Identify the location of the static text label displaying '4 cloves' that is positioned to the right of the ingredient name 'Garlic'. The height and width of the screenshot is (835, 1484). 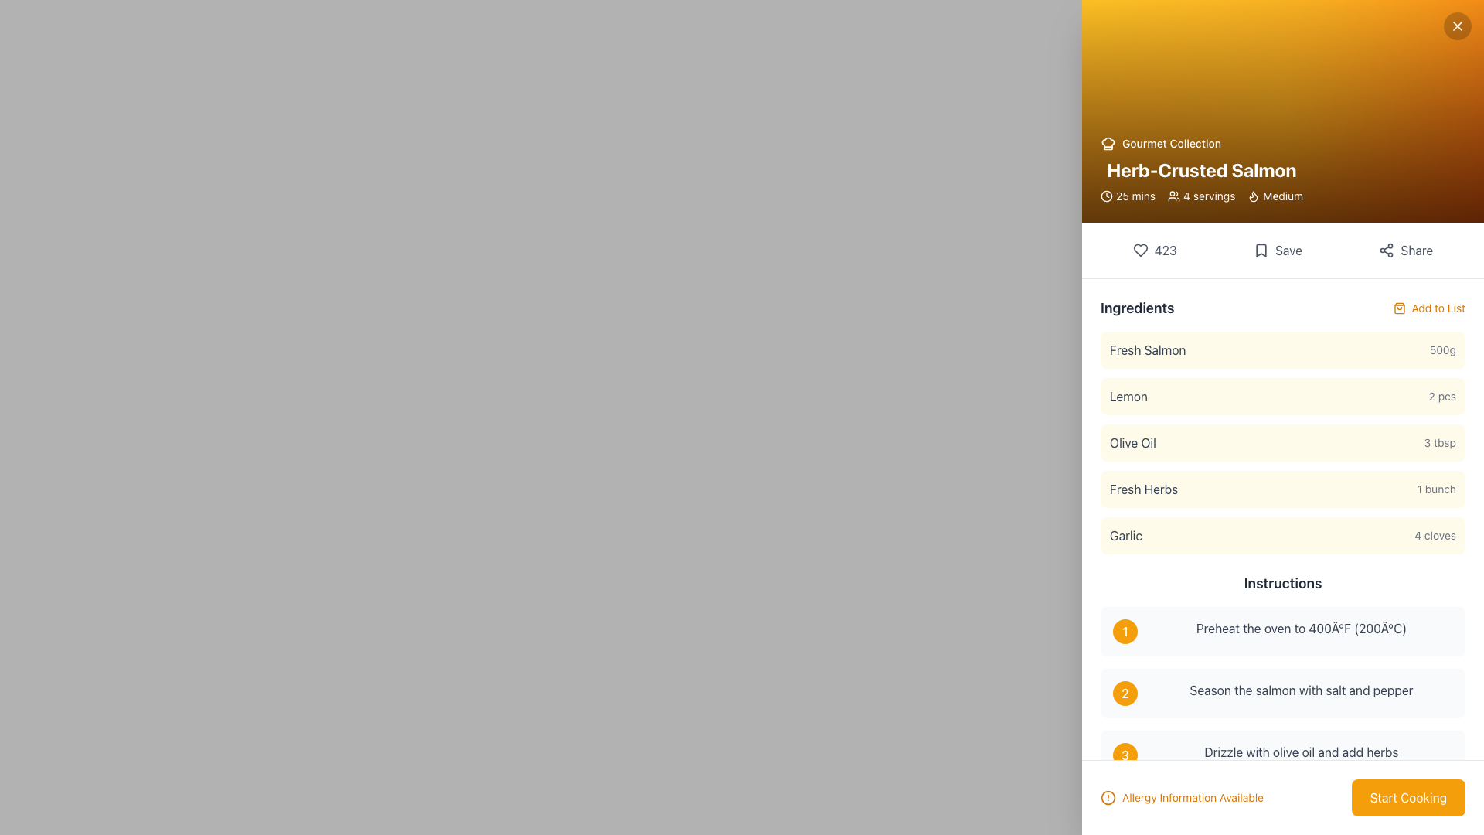
(1435, 535).